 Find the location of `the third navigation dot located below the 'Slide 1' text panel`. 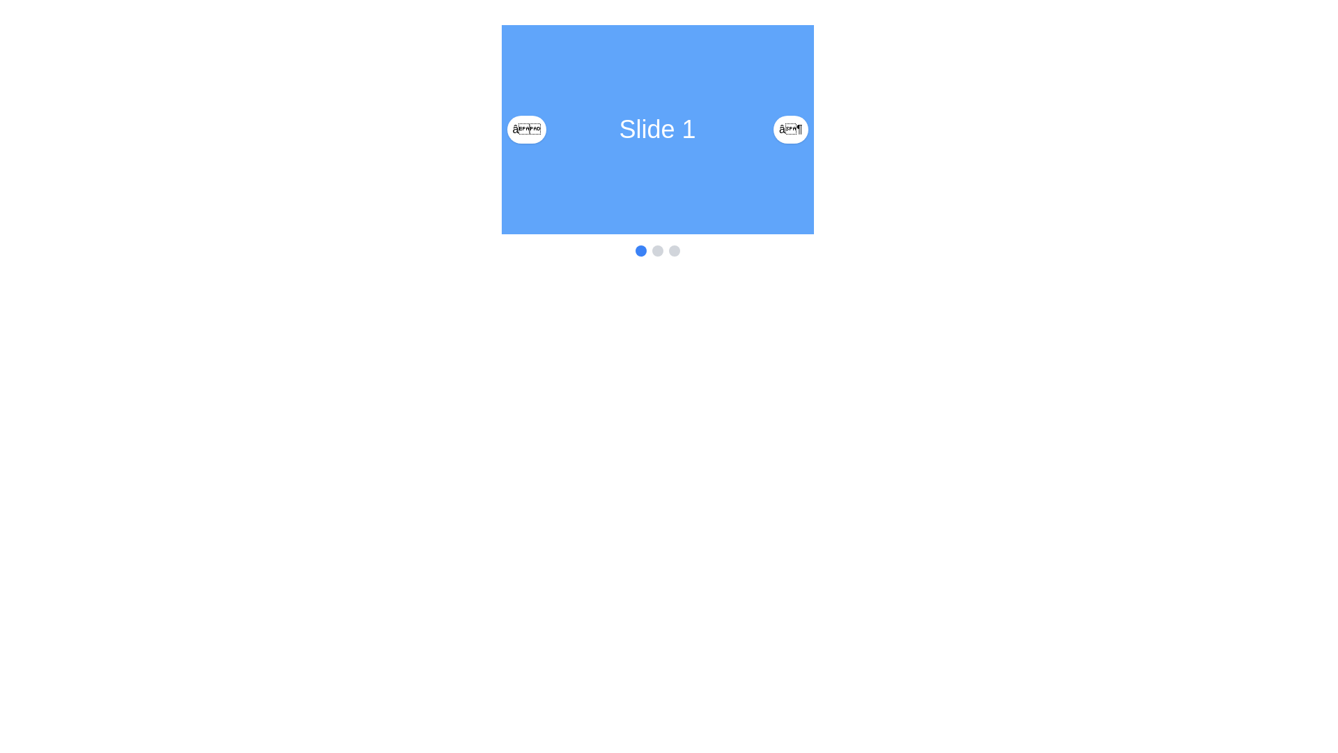

the third navigation dot located below the 'Slide 1' text panel is located at coordinates (674, 250).